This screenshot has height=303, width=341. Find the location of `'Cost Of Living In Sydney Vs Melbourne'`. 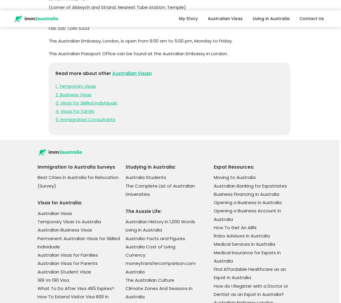

'Cost Of Living In Sydney Vs Melbourne' is located at coordinates (254, 72).